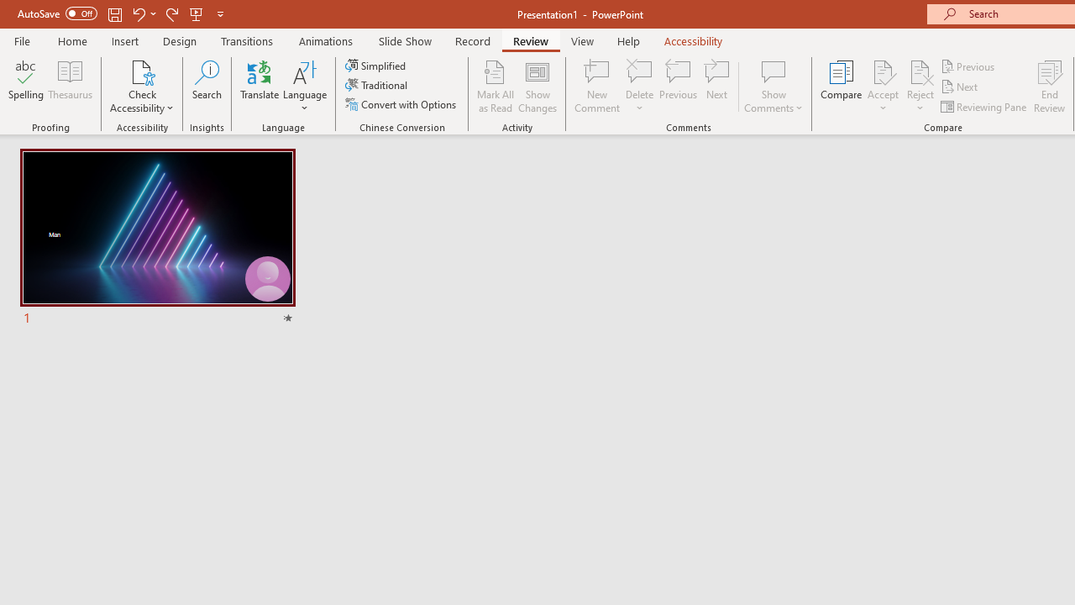 This screenshot has width=1075, height=605. What do you see at coordinates (305, 87) in the screenshot?
I see `'Language'` at bounding box center [305, 87].